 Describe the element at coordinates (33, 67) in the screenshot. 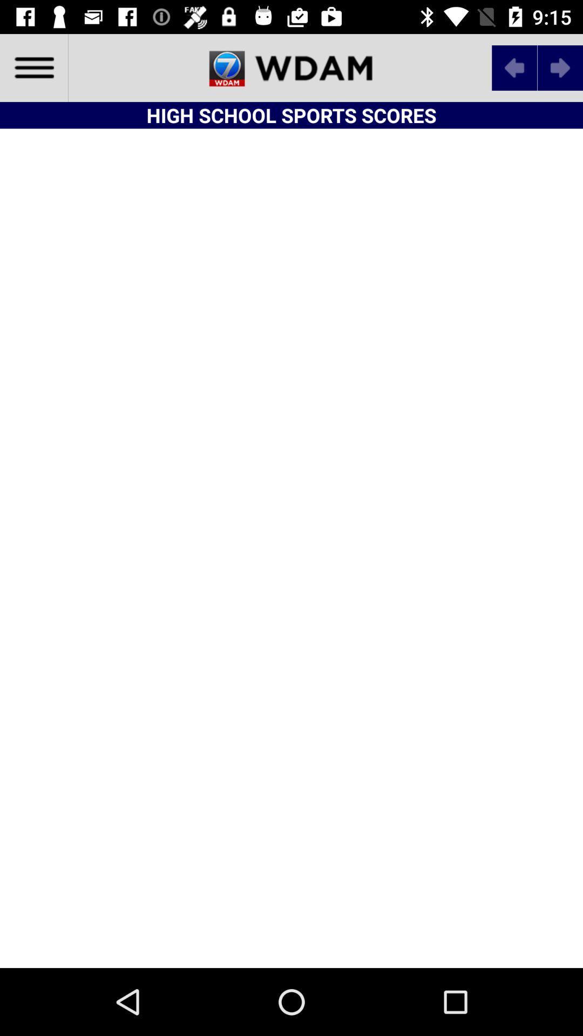

I see `the menu icon` at that location.